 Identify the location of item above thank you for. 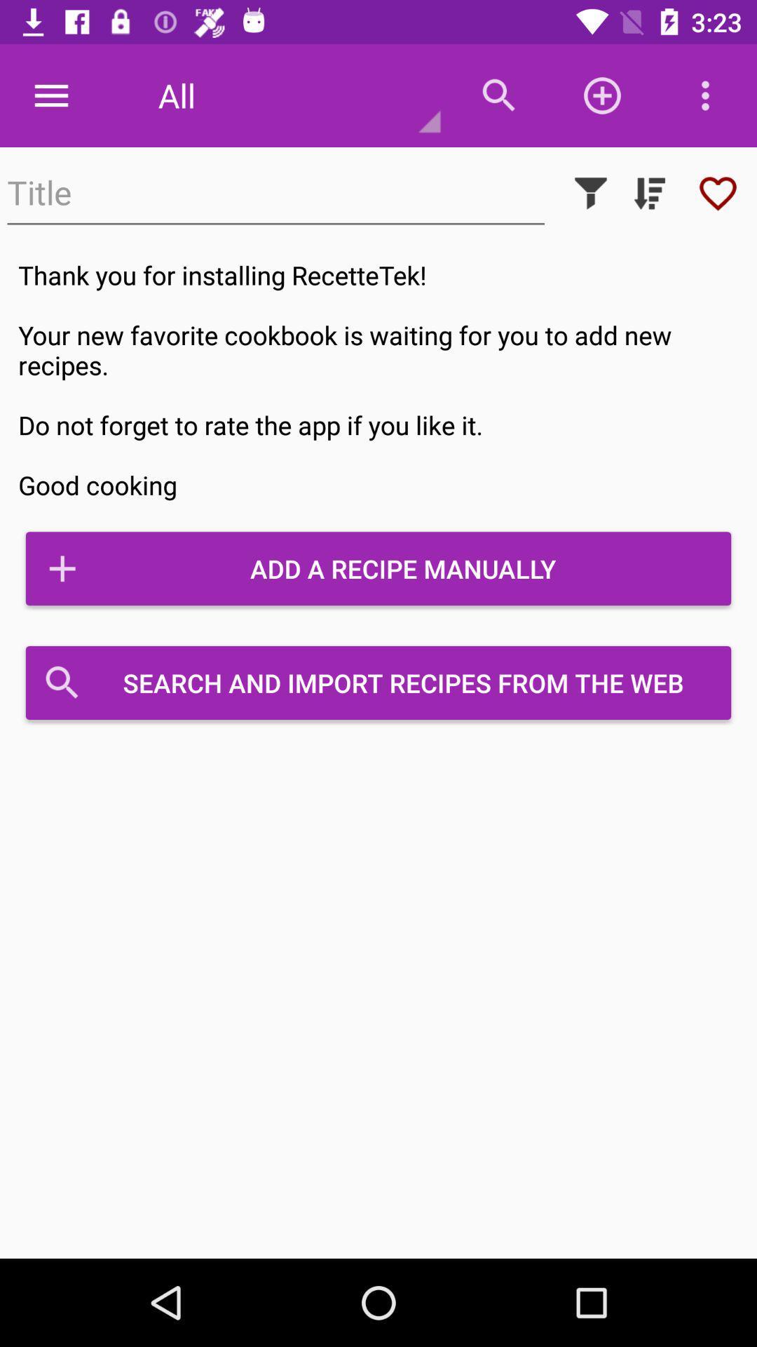
(718, 192).